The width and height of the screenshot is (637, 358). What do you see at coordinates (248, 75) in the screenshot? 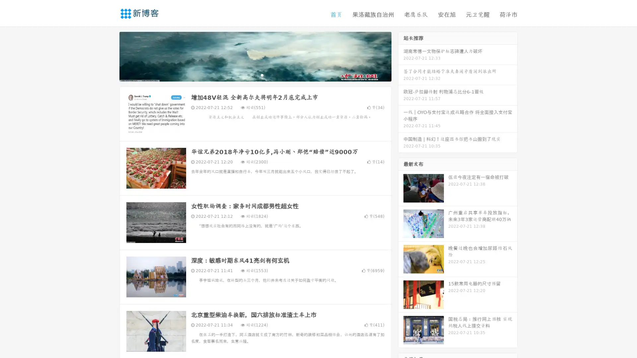
I see `Go to slide 1` at bounding box center [248, 75].